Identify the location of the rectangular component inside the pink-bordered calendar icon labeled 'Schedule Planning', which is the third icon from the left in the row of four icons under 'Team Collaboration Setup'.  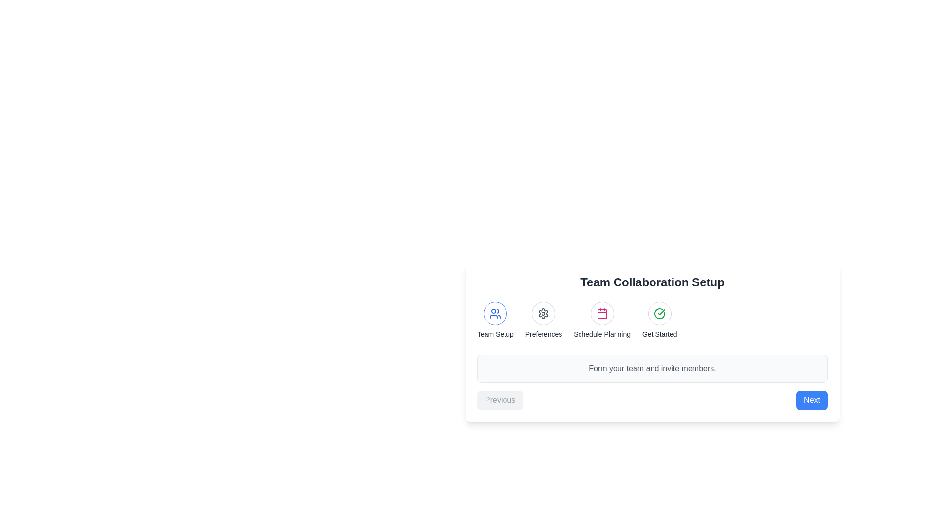
(601, 314).